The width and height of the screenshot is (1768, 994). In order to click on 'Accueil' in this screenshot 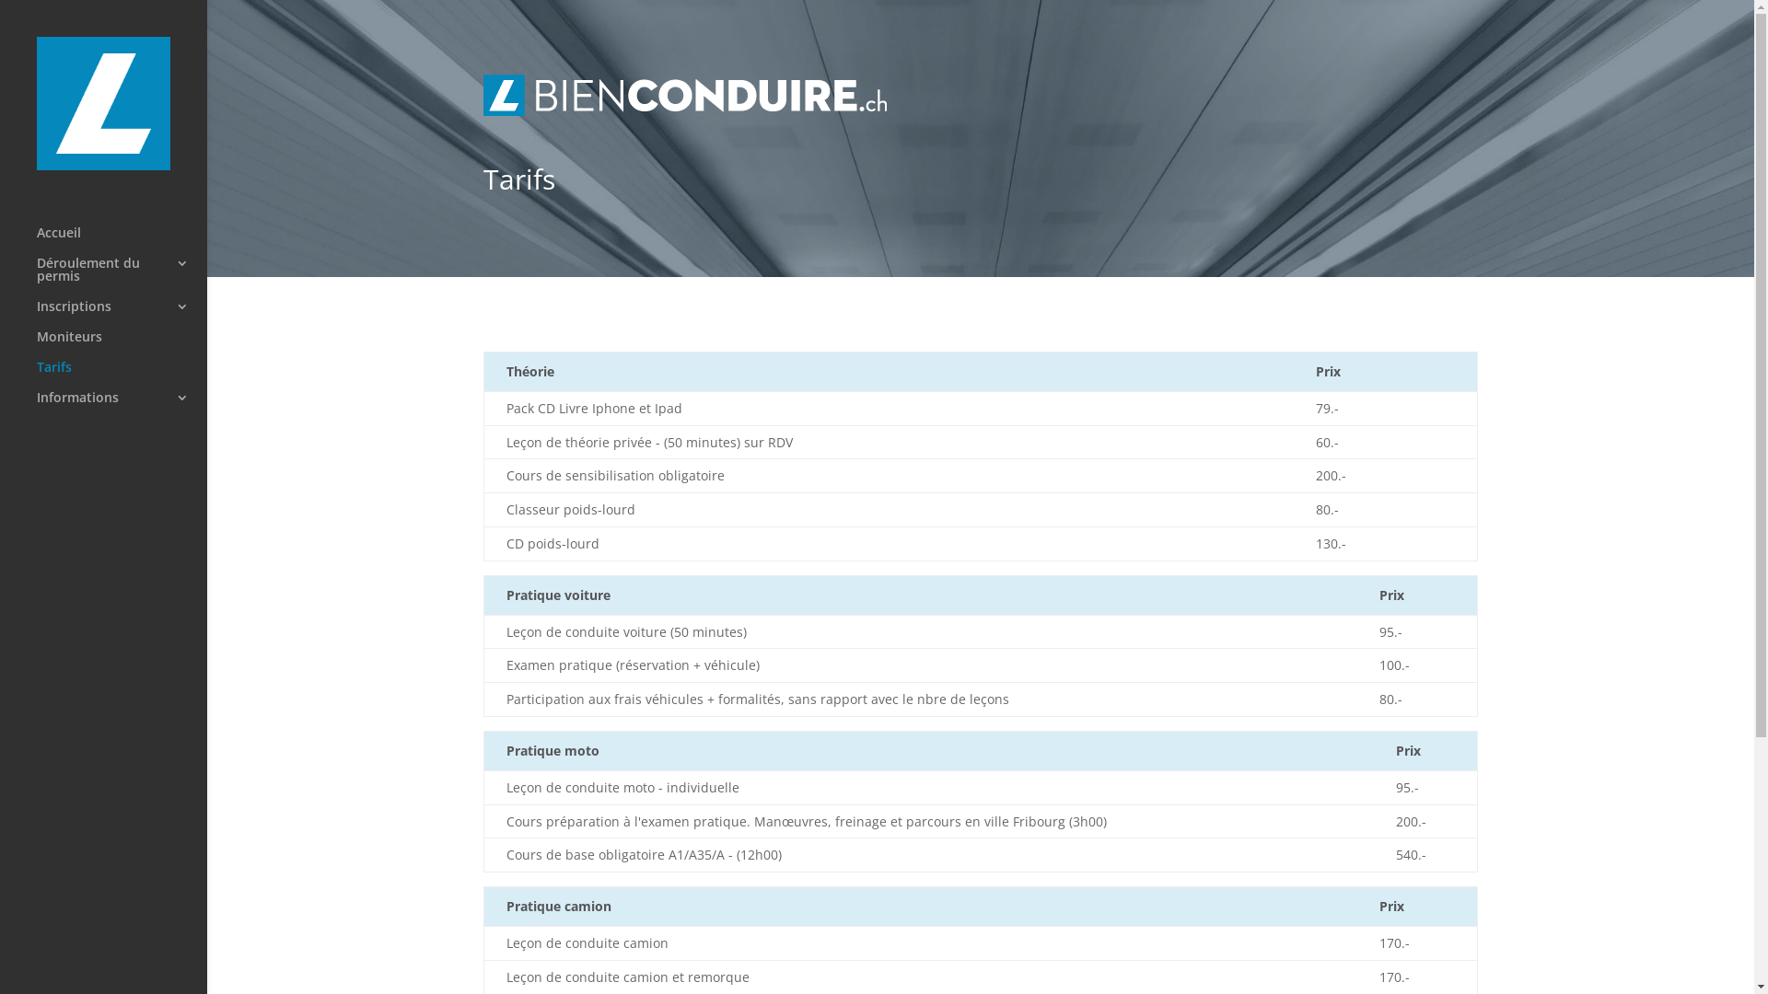, I will do `click(121, 240)`.